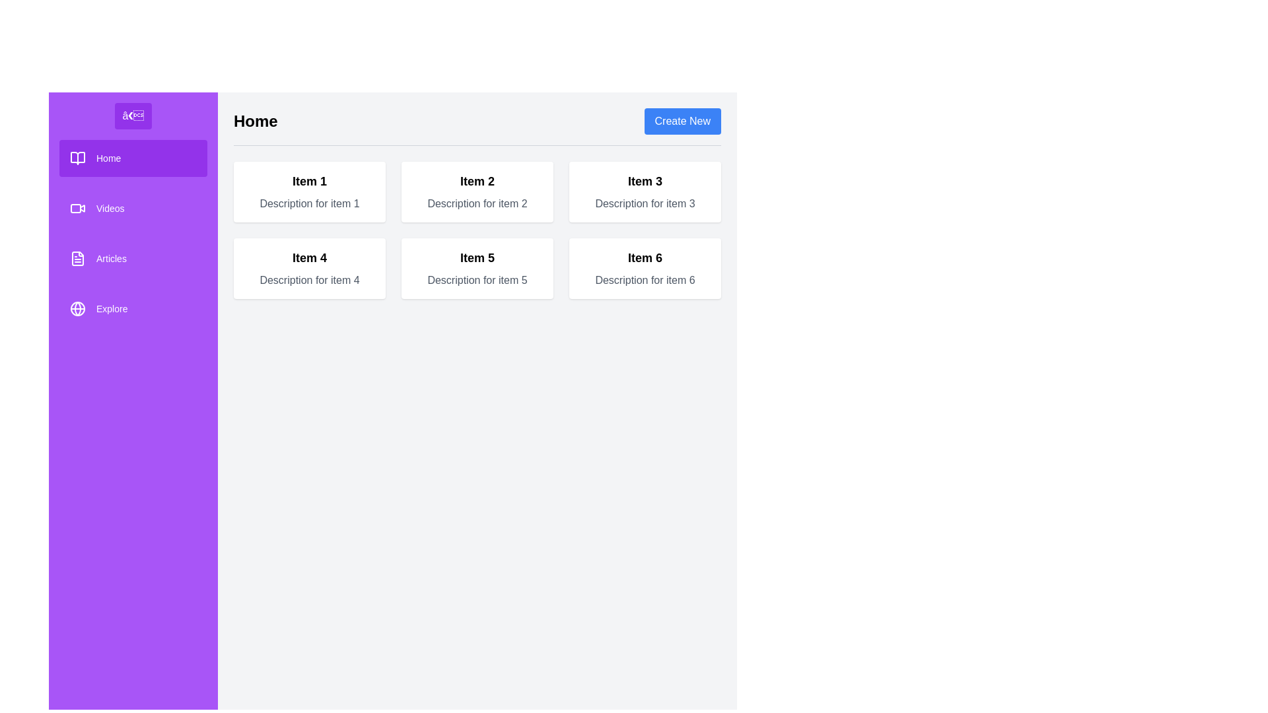 The image size is (1268, 713). I want to click on text from the header label indicating the user is on the 'Home' section, which is located near the top-left of the interface, to the left of the 'Create New' button, so click(256, 121).